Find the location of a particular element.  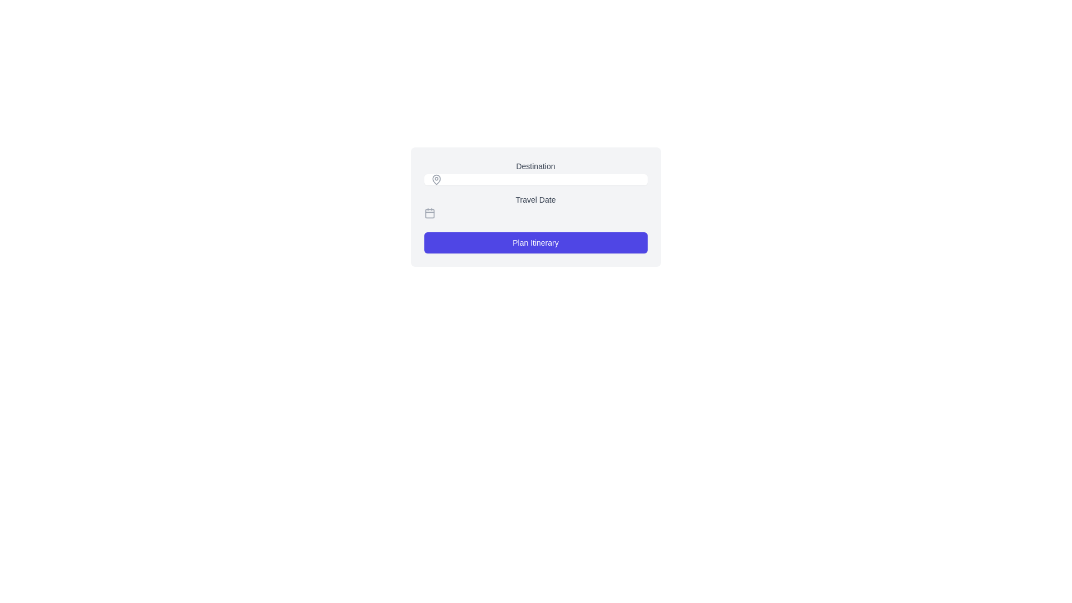

the decorative location icon within the 'Destination' input field, which is positioned at the leftmost side of the field is located at coordinates (432, 179).